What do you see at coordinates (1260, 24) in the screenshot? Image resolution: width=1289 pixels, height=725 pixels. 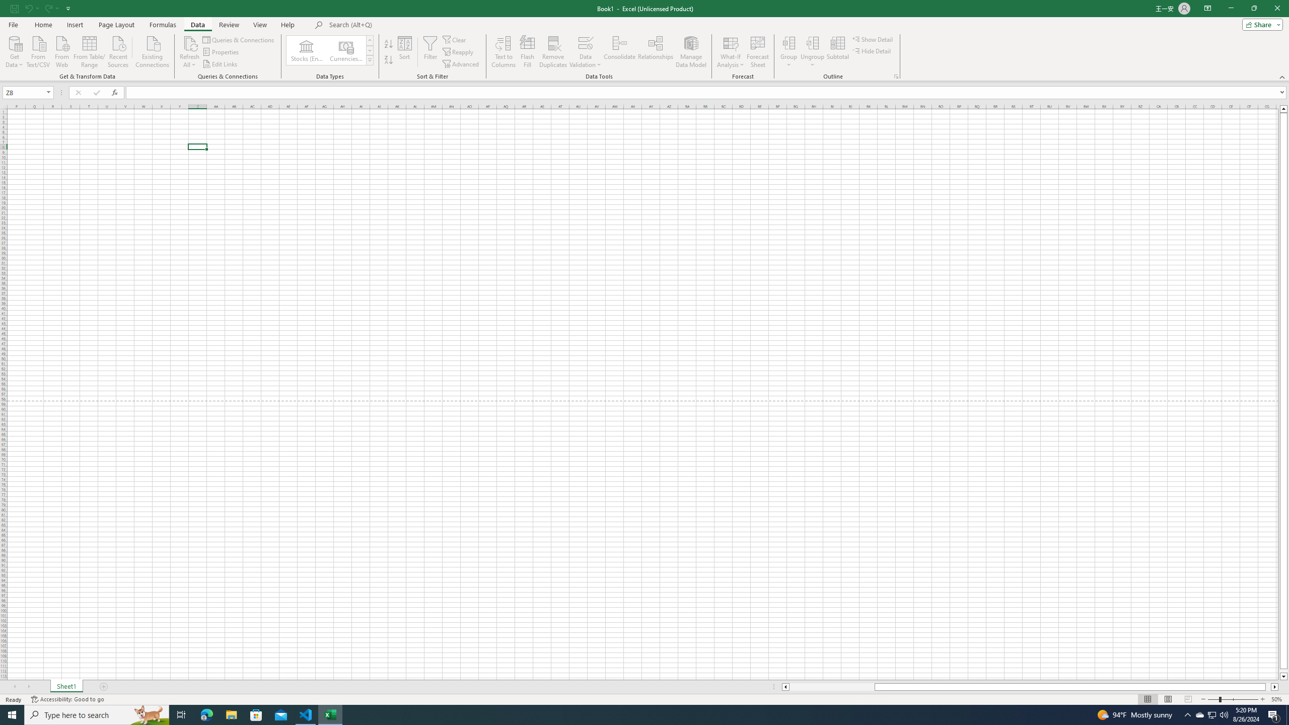 I see `'Share'` at bounding box center [1260, 24].